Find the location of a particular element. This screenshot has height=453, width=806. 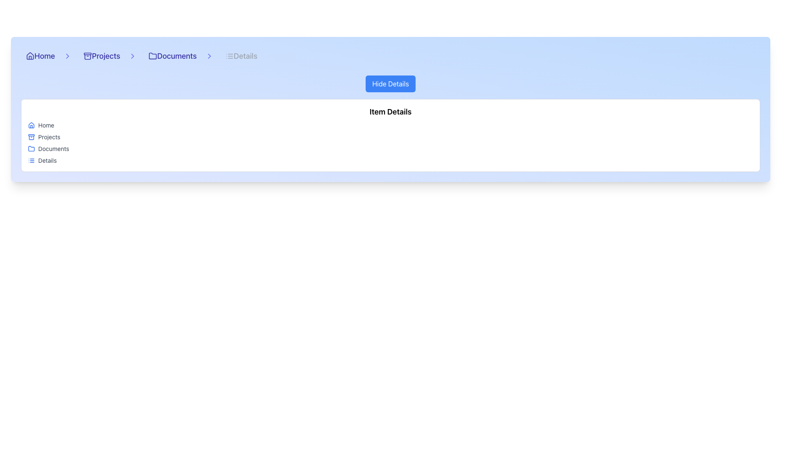

the folder icon in the breadcrumb navigation that represents the 'Documents' hierarchy level, which is the third icon in the sequence, positioned to the right of the document icon and immediately before the details icon is located at coordinates (31, 148).